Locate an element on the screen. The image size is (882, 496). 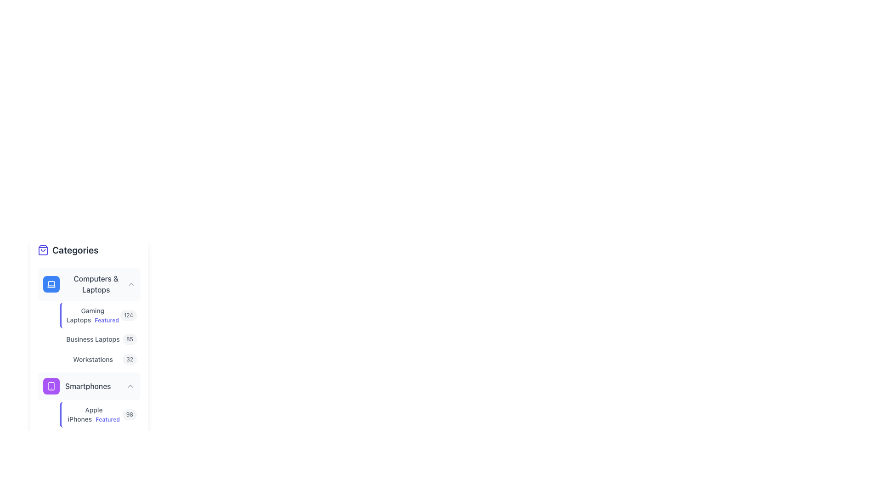
the text 'Apple iPhones' in the list item, which has a badge showing '98' and a blue 'Featured' indicator is located at coordinates (100, 414).